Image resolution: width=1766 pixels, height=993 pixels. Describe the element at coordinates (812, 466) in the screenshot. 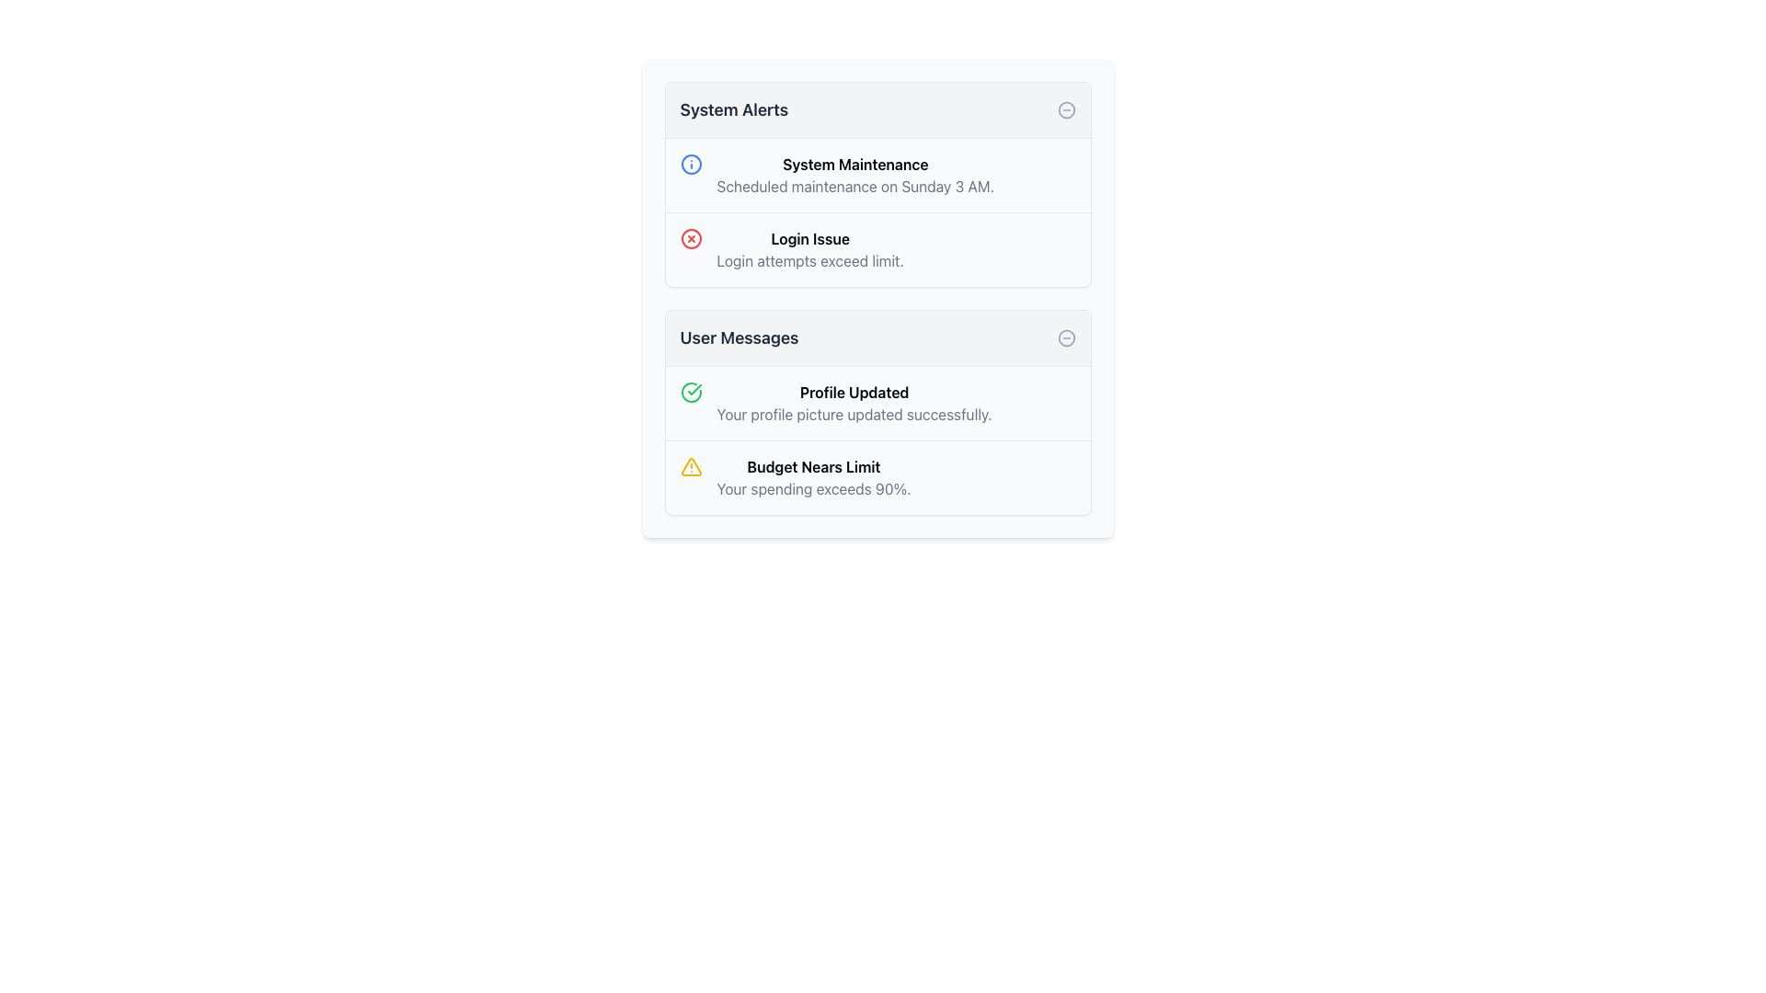

I see `the text label that serves as the title or heading for the notification, located under the 'User Messages' section and above the text 'Your spending exceeds 90%'` at that location.